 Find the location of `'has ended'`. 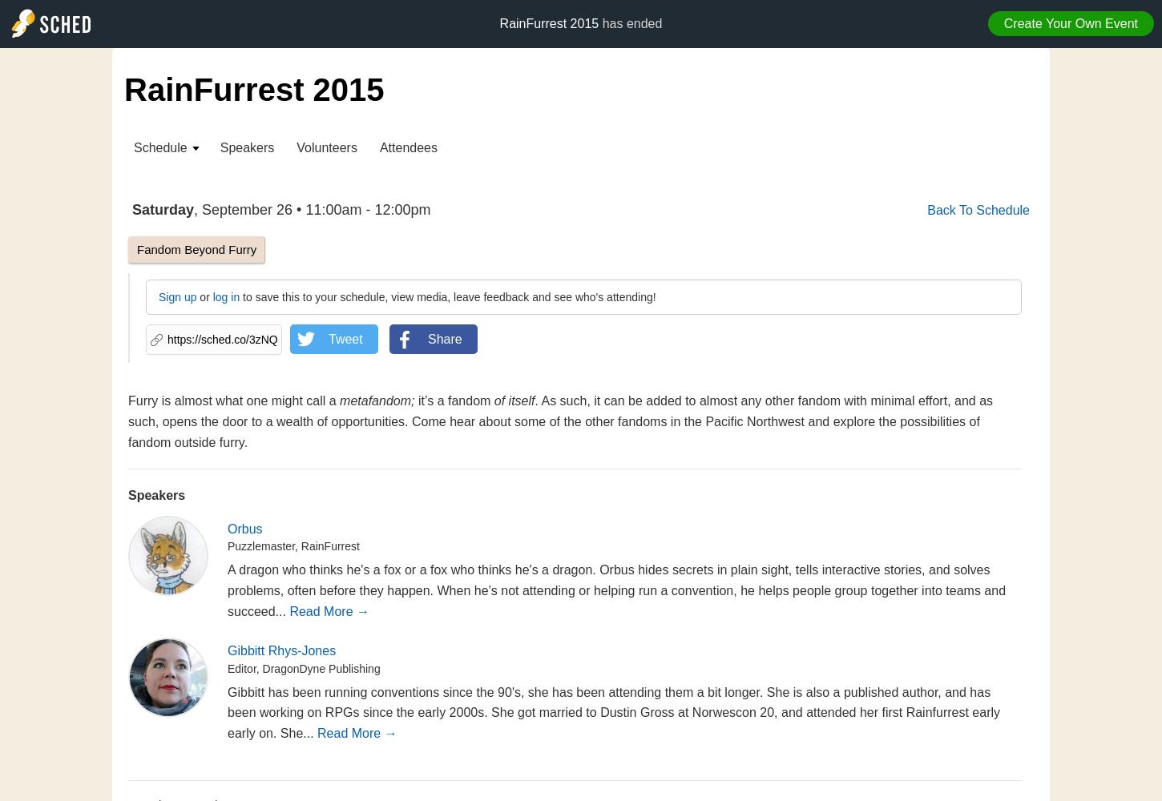

'has ended' is located at coordinates (630, 23).